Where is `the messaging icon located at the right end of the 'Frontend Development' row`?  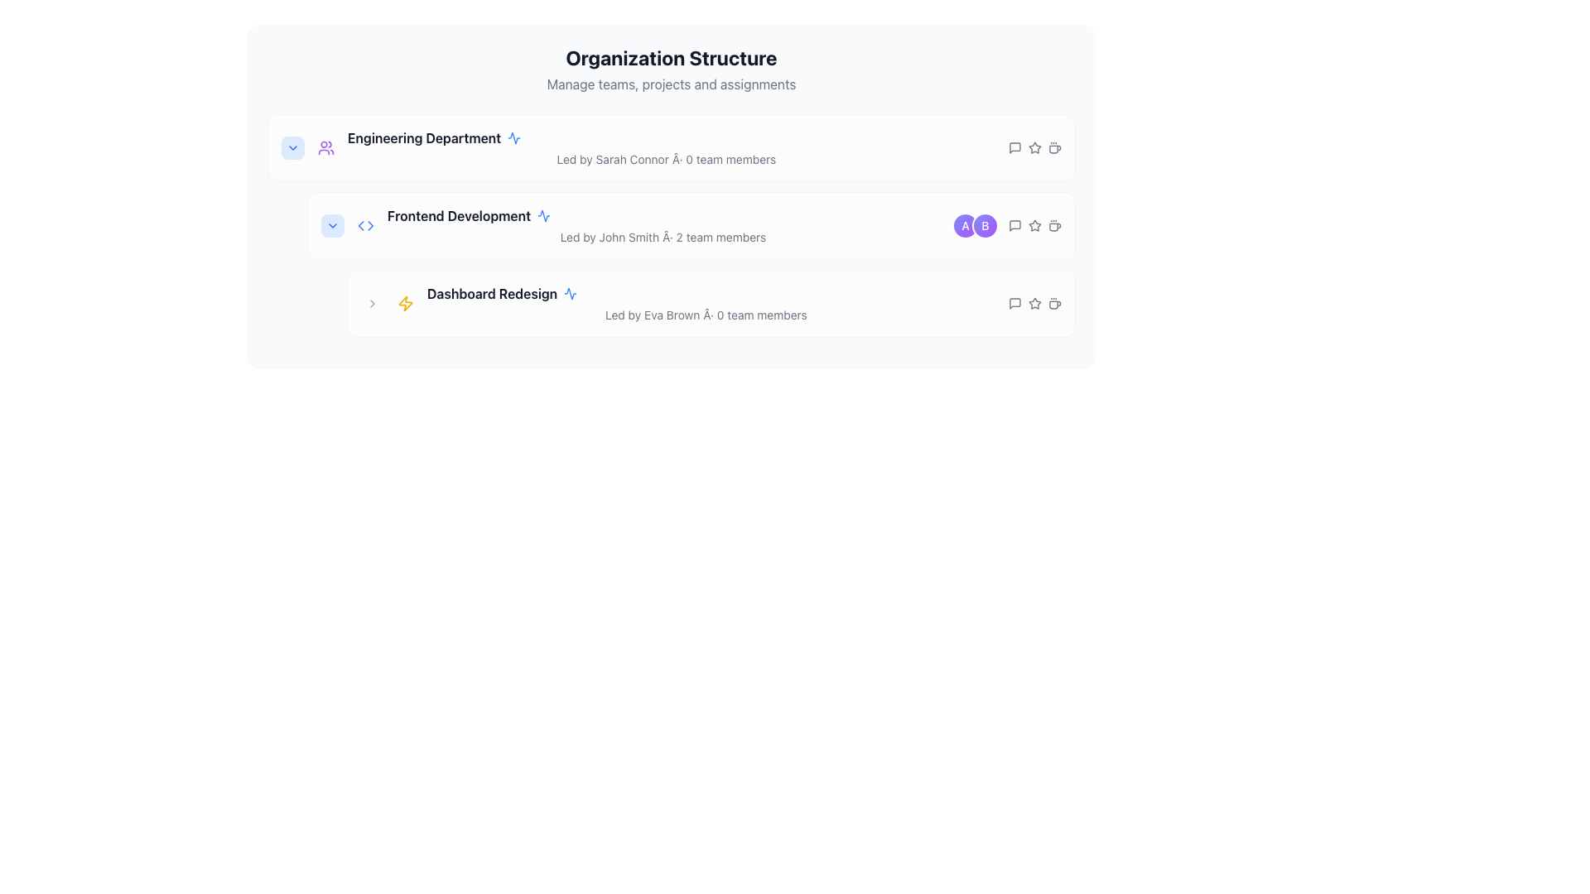 the messaging icon located at the right end of the 'Frontend Development' row is located at coordinates (1014, 226).